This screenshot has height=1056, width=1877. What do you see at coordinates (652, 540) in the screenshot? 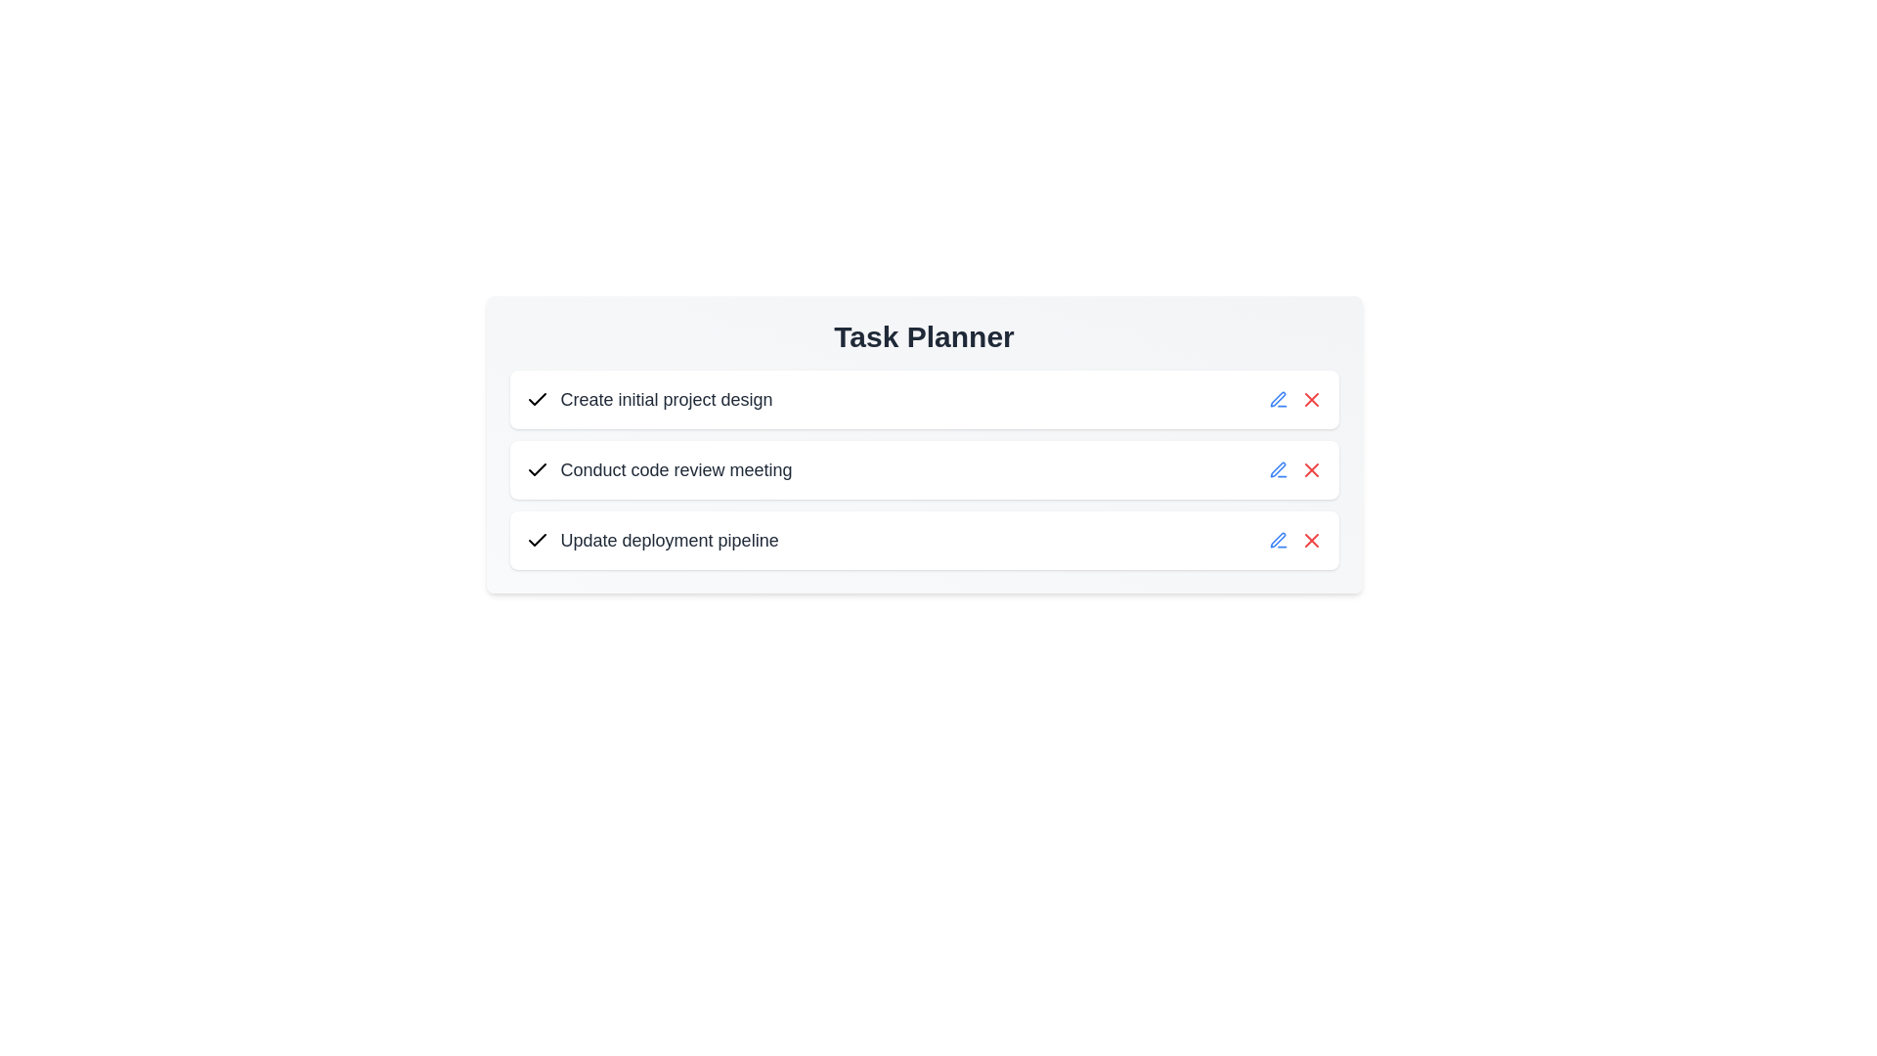
I see `the text label displaying 'Update deployment pipeline', which is the third task in the list, positioned below 'Conduct code review meeting' and above the action icons` at bounding box center [652, 540].